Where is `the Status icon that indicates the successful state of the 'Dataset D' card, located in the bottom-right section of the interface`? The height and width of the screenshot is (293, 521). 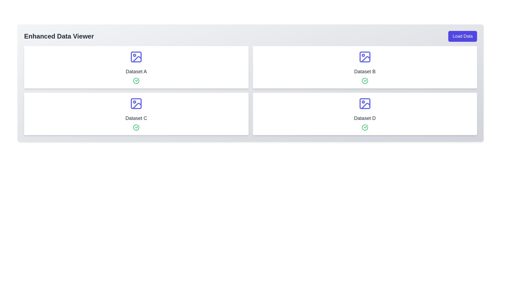
the Status icon that indicates the successful state of the 'Dataset D' card, located in the bottom-right section of the interface is located at coordinates (365, 128).